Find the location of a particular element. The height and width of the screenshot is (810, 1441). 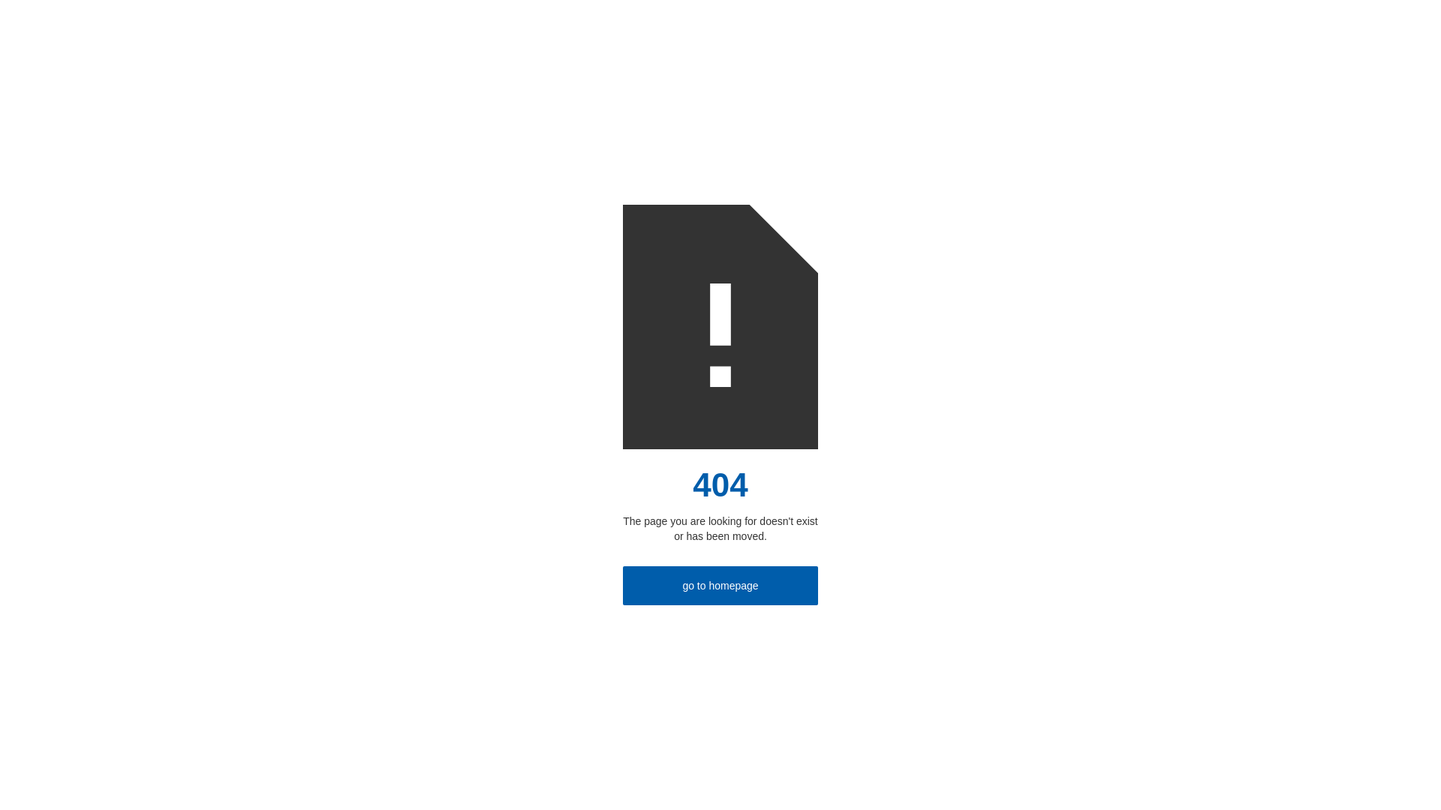

'go to homepage' is located at coordinates (720, 584).